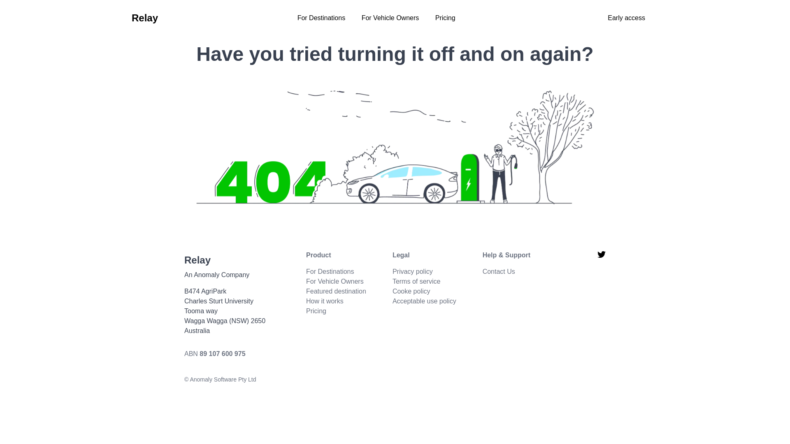  Describe the element at coordinates (498, 271) in the screenshot. I see `'Contact Us'` at that location.